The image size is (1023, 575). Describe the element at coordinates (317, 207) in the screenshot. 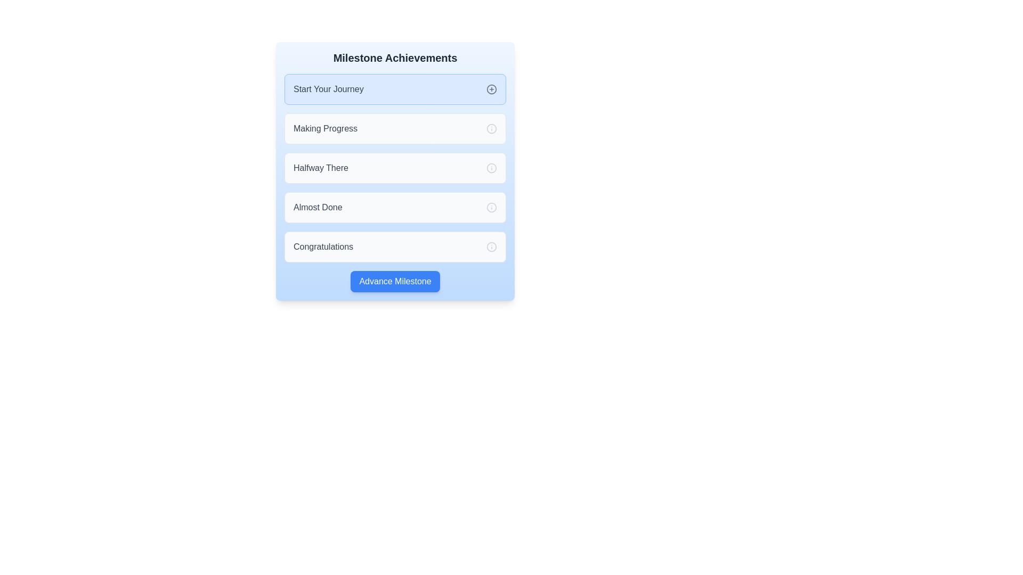

I see `the 'Almost Done' text label in the Milestone Achievements section, located below 'Halfway There' and above 'Congratulations'` at that location.